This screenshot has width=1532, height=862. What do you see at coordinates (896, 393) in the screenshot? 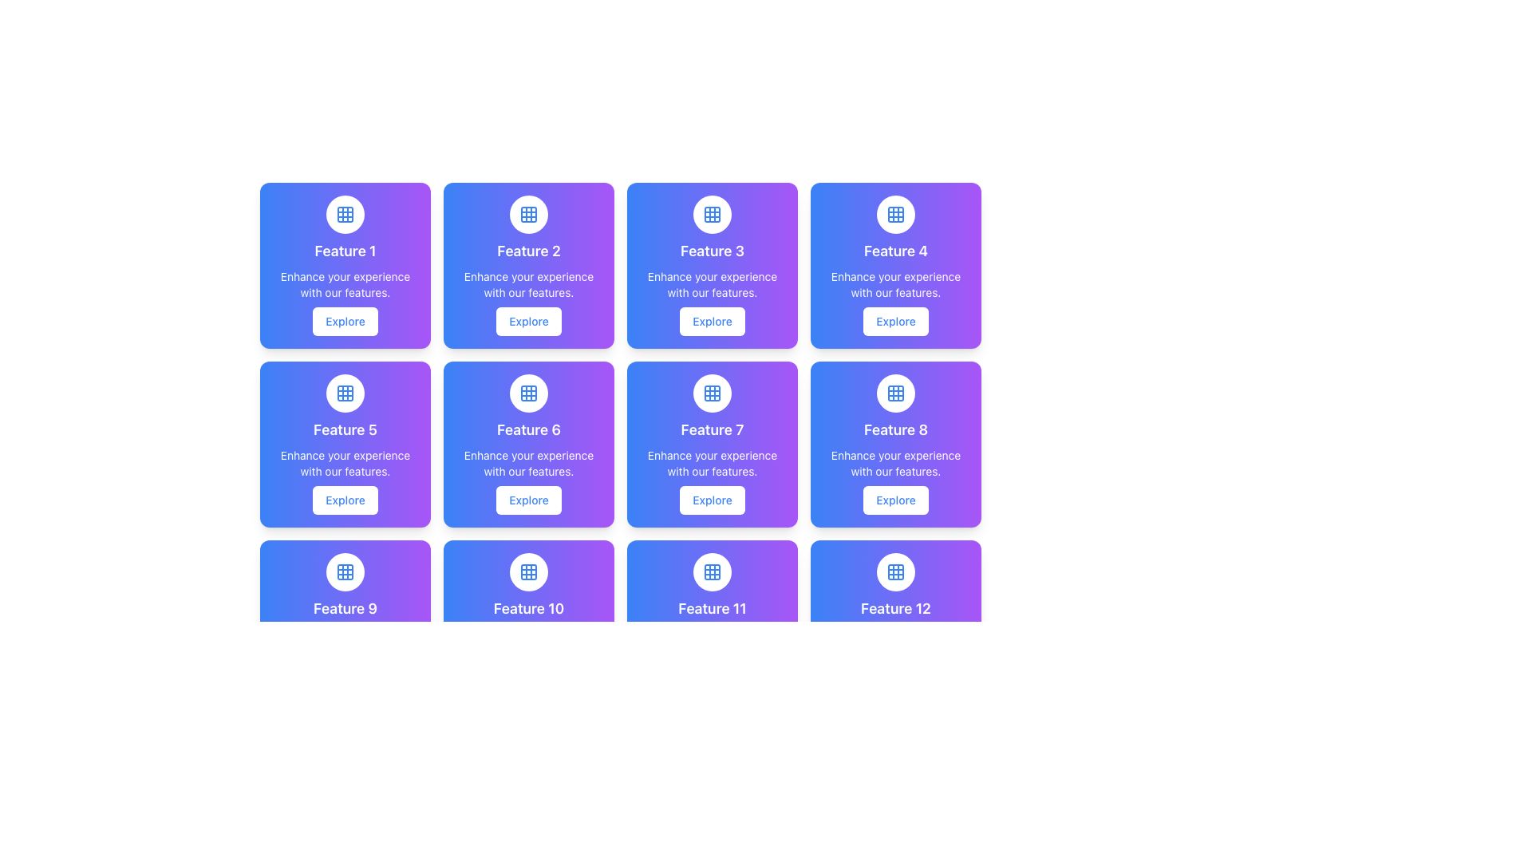
I see `the circular white icon with a blue grid symbol located in the center top area of the 'Feature 8' card` at bounding box center [896, 393].